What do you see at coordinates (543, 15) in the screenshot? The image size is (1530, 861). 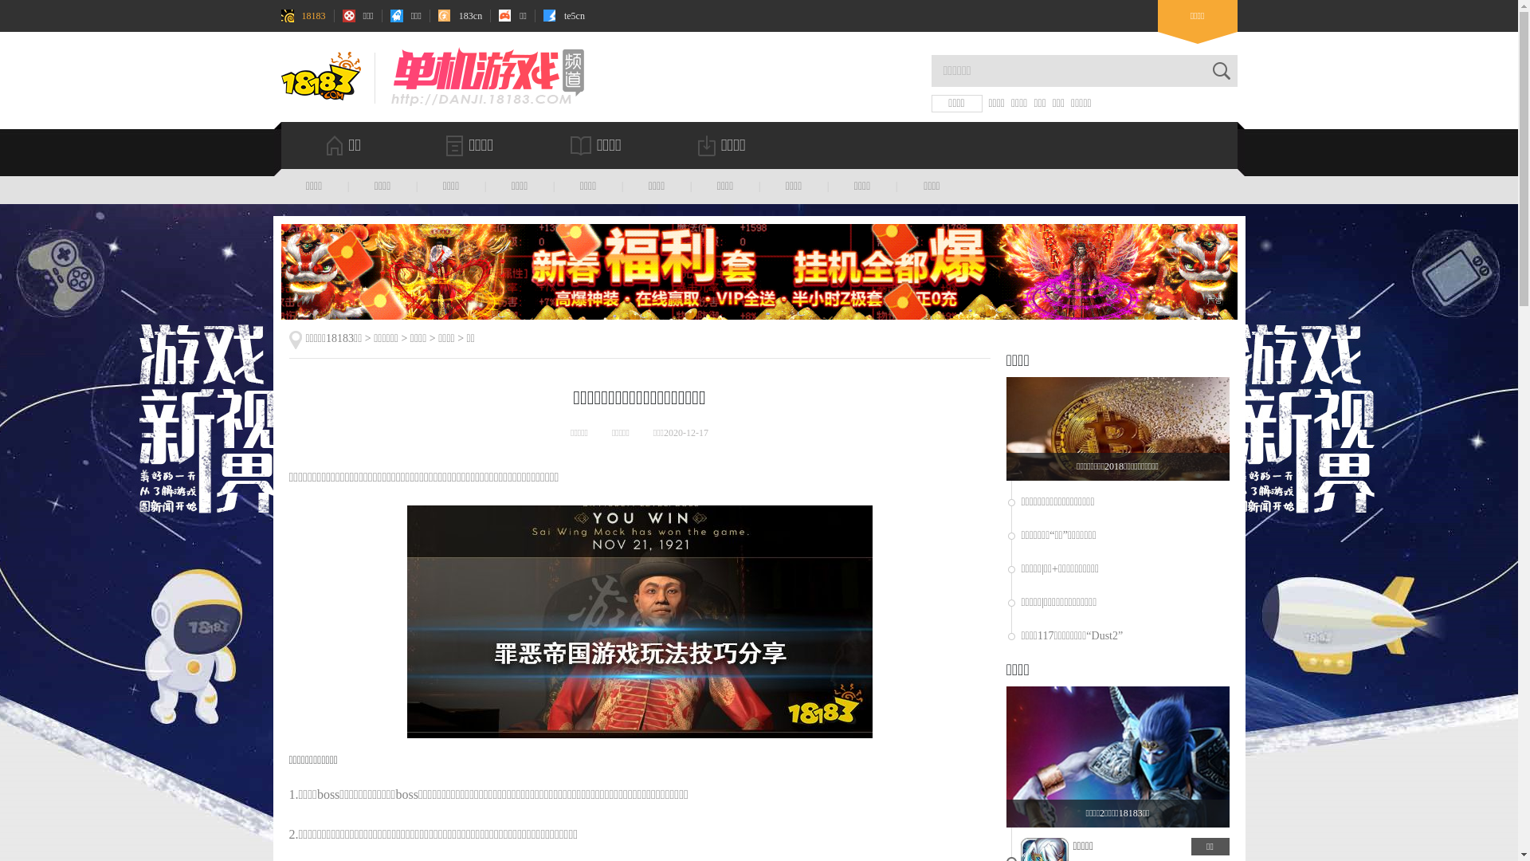 I see `'te5cn'` at bounding box center [543, 15].